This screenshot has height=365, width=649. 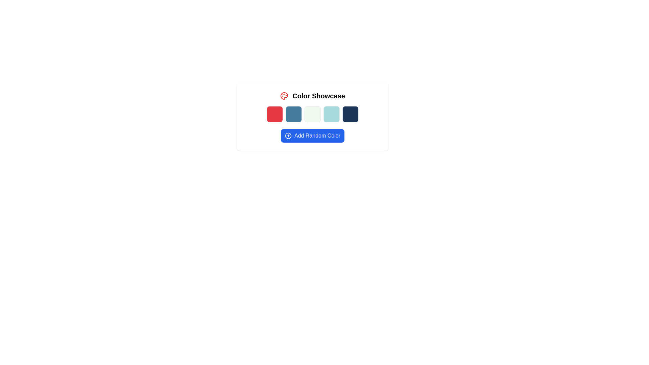 What do you see at coordinates (312, 114) in the screenshot?
I see `the third static visual block from the left in the horizontal grid` at bounding box center [312, 114].